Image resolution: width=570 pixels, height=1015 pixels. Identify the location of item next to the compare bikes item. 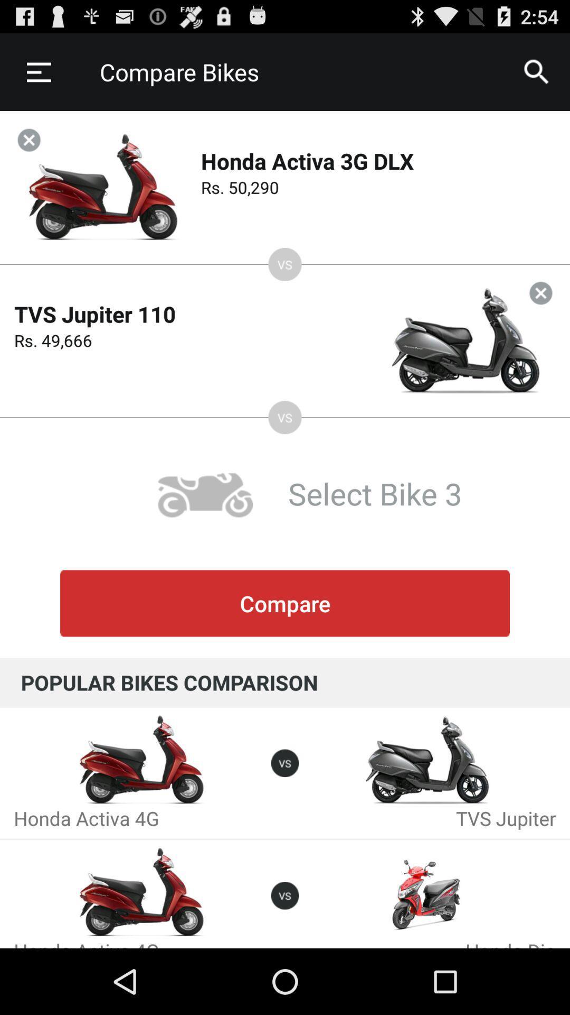
(537, 71).